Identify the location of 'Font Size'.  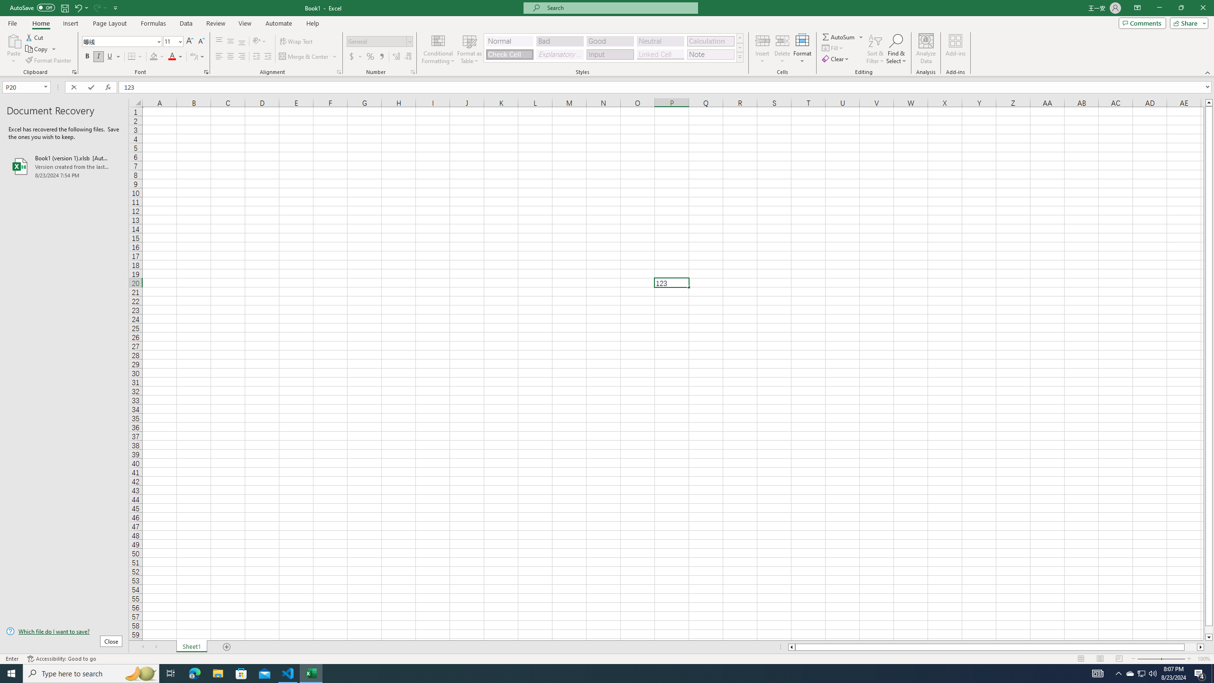
(170, 41).